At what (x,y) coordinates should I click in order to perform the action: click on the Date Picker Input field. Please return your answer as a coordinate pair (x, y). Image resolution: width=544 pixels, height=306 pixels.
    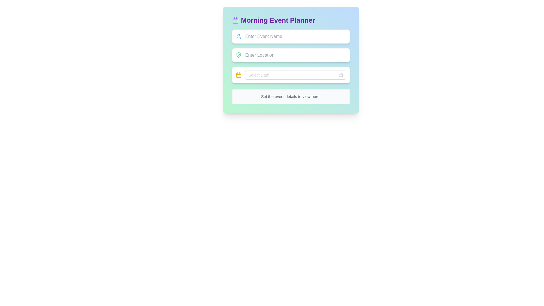
    Looking at the image, I should click on (291, 75).